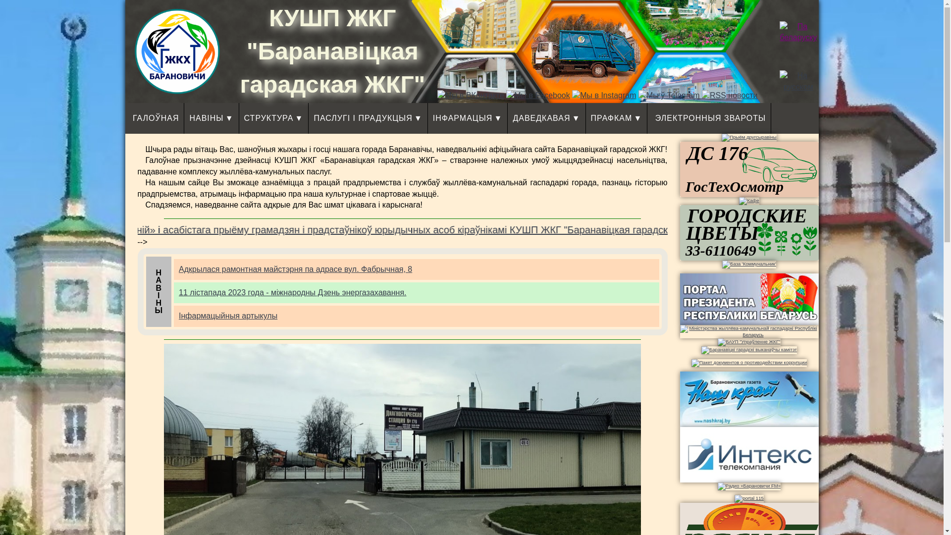  I want to click on 'Instagram', so click(603, 95).